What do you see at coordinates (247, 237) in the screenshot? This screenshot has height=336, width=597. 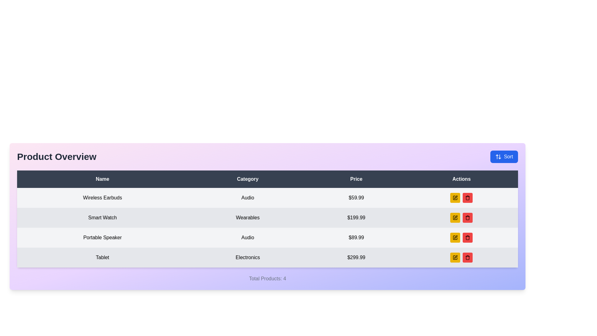 I see `the Text Label displaying the product category located in the third row, second column of the table` at bounding box center [247, 237].